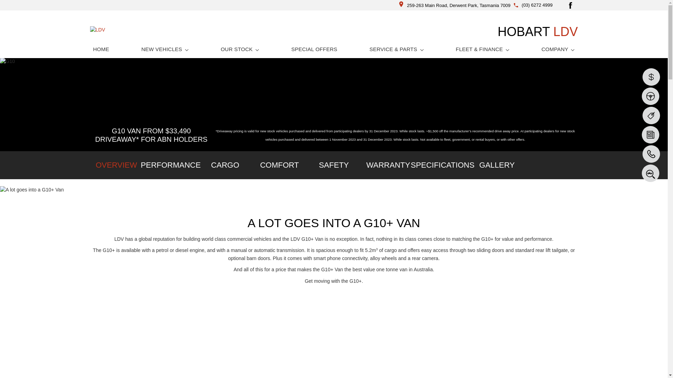 This screenshot has width=673, height=378. What do you see at coordinates (171, 165) in the screenshot?
I see `'PERFORMANCE'` at bounding box center [171, 165].